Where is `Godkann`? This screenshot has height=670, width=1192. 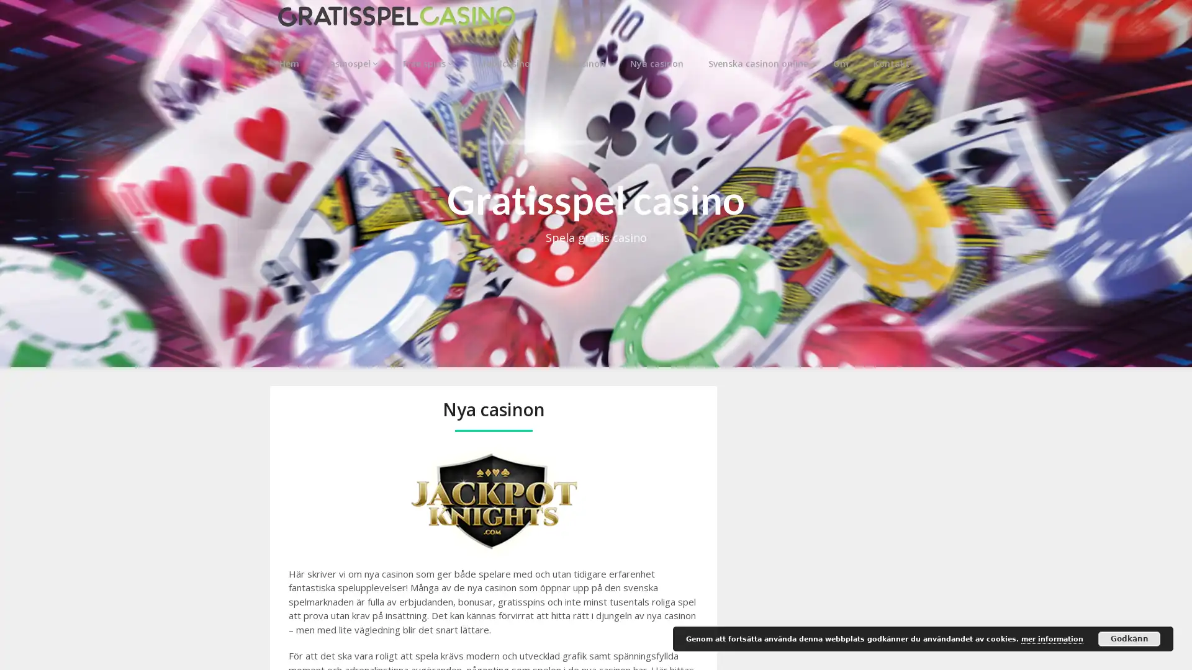 Godkann is located at coordinates (1129, 638).